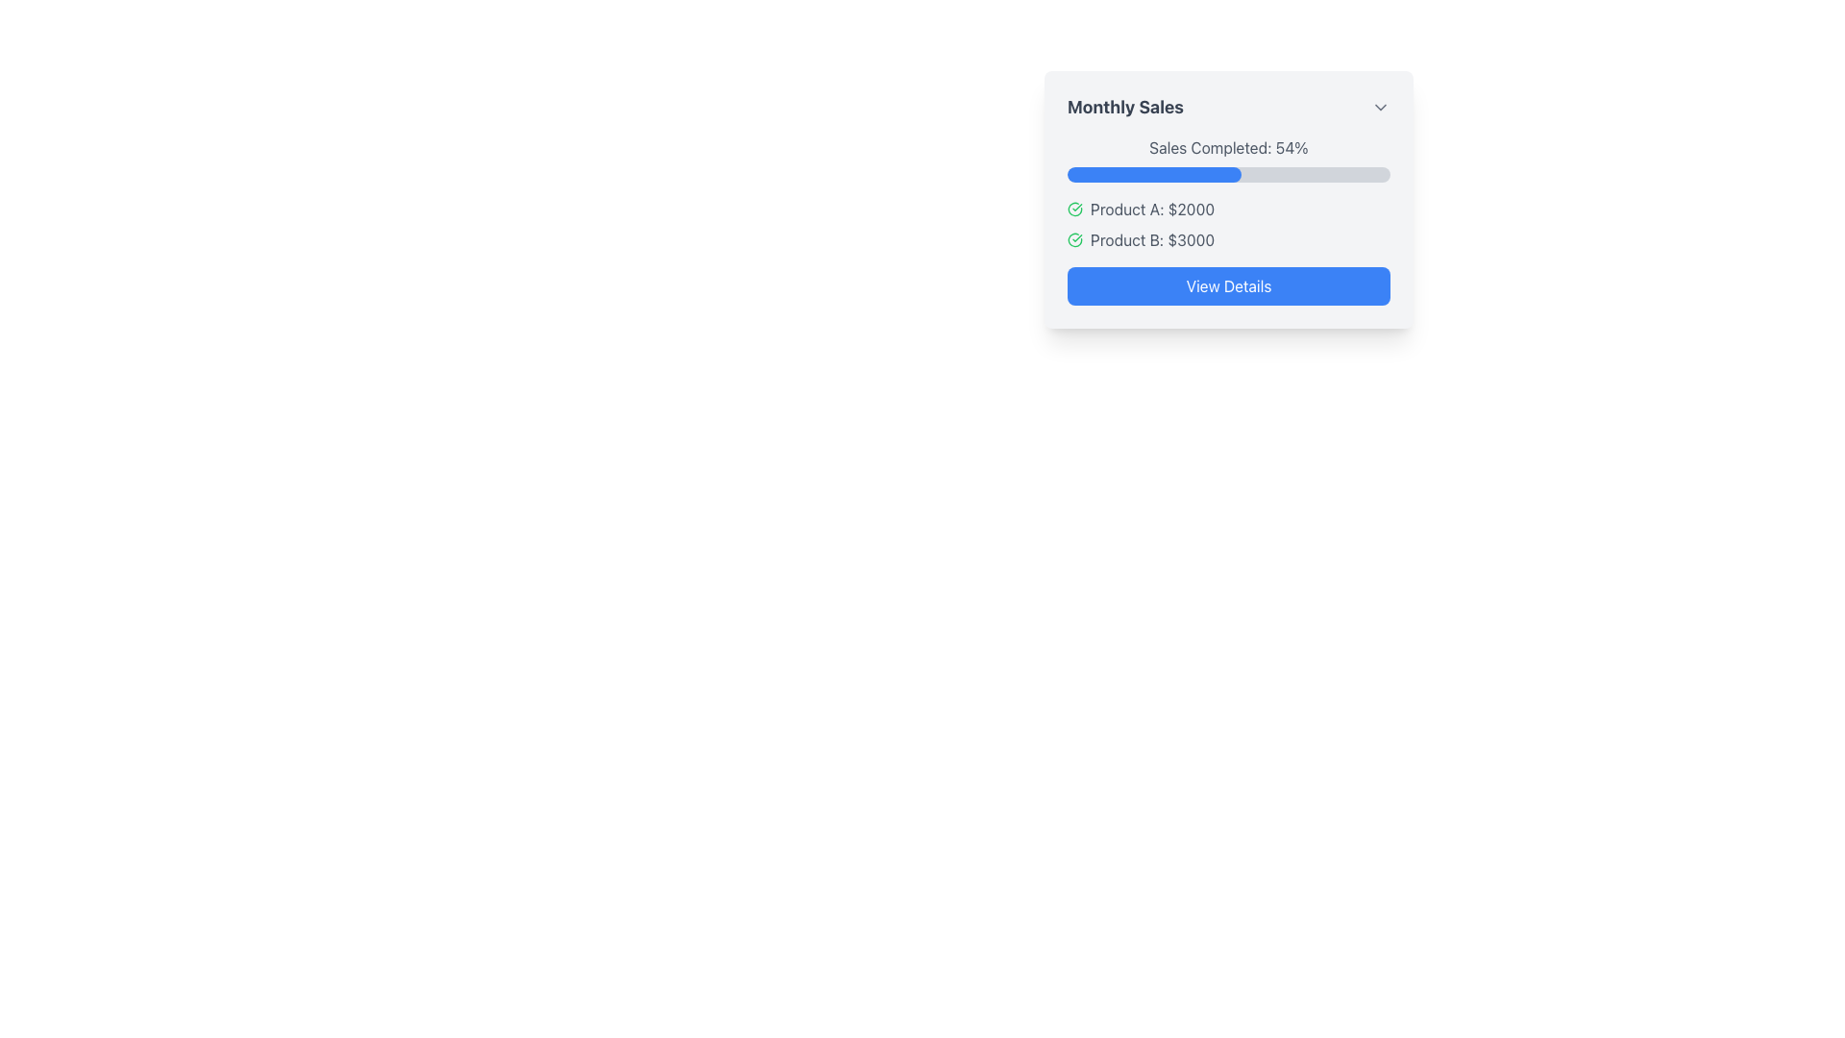 The height and width of the screenshot is (1038, 1845). I want to click on the status icon indicating a successful state for 'Product B: $3000' located in the second row under the 'Monthly Sales' section, so click(1073, 239).